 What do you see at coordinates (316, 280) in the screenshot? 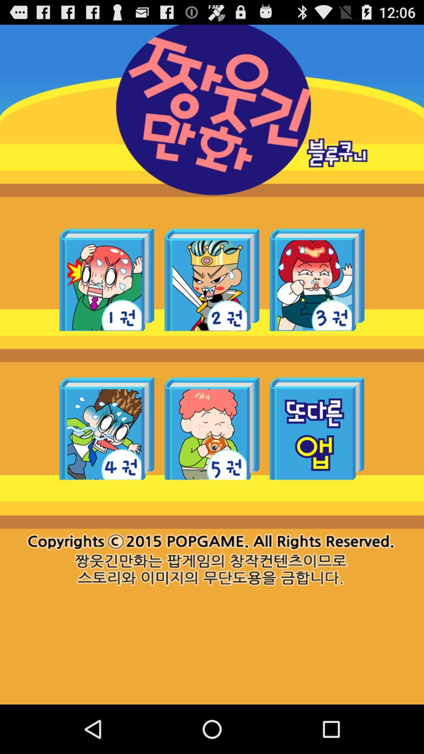
I see `the game` at bounding box center [316, 280].